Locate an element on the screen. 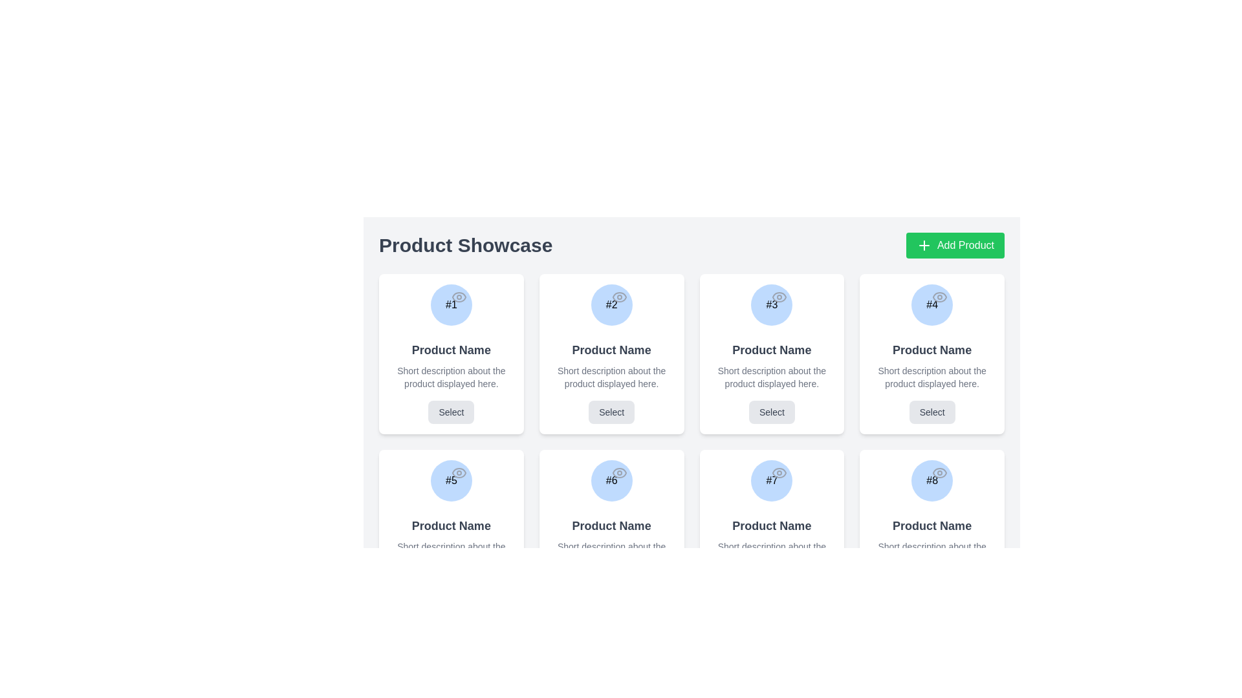 The height and width of the screenshot is (698, 1242). text label displaying the product name located in the seventh product card, positioned centrally below the card's identifier '#7' and above the descriptive text block is located at coordinates (772, 525).